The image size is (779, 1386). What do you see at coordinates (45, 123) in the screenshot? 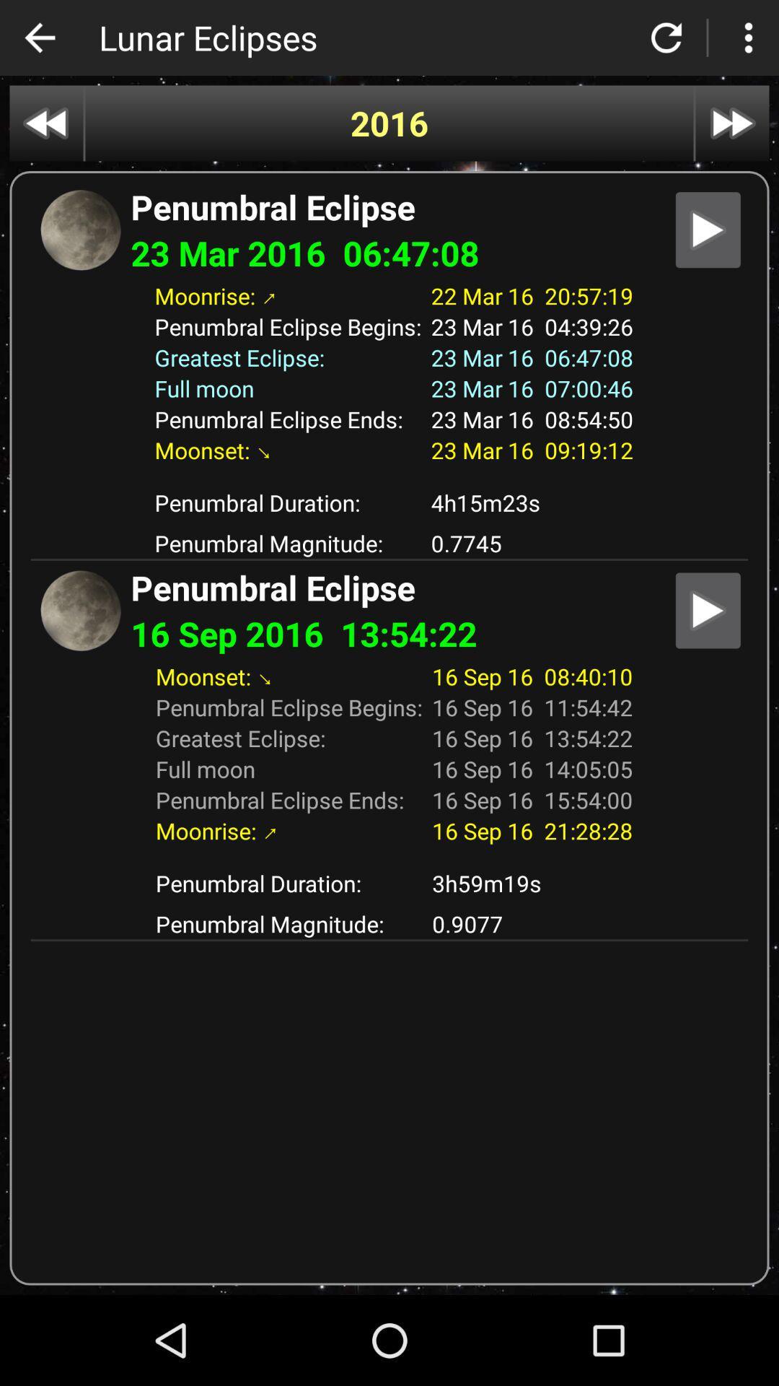
I see `the av_rewind icon` at bounding box center [45, 123].